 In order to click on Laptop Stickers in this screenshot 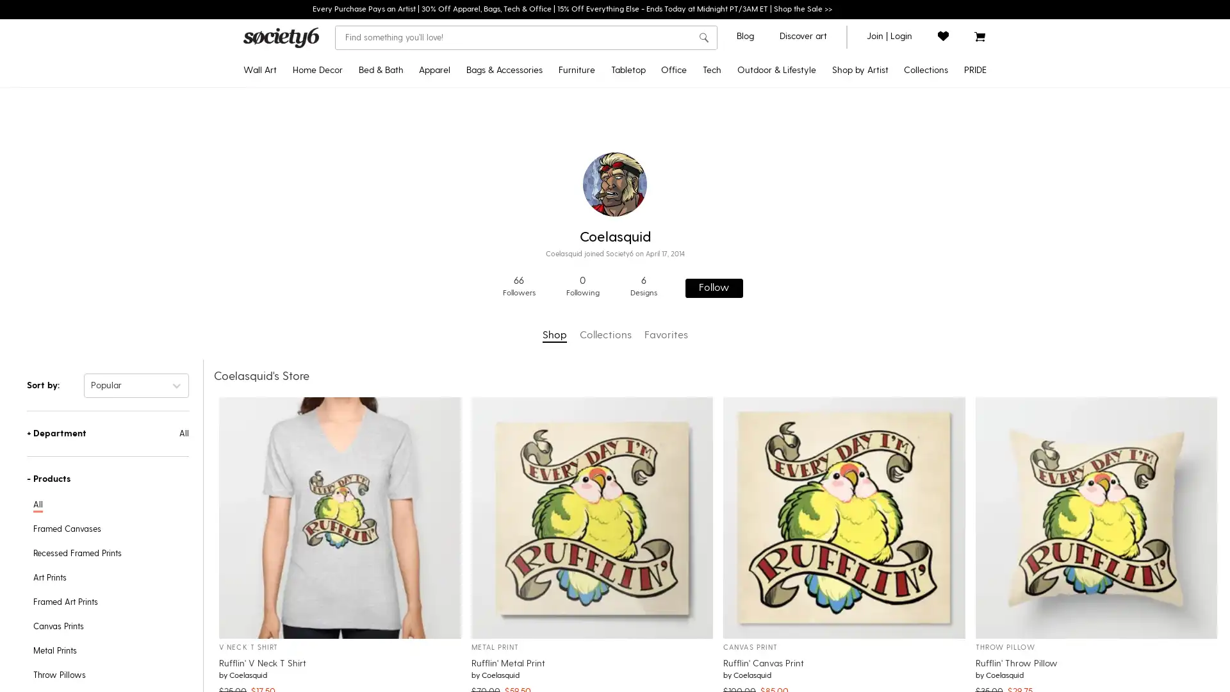, I will do `click(705, 309)`.